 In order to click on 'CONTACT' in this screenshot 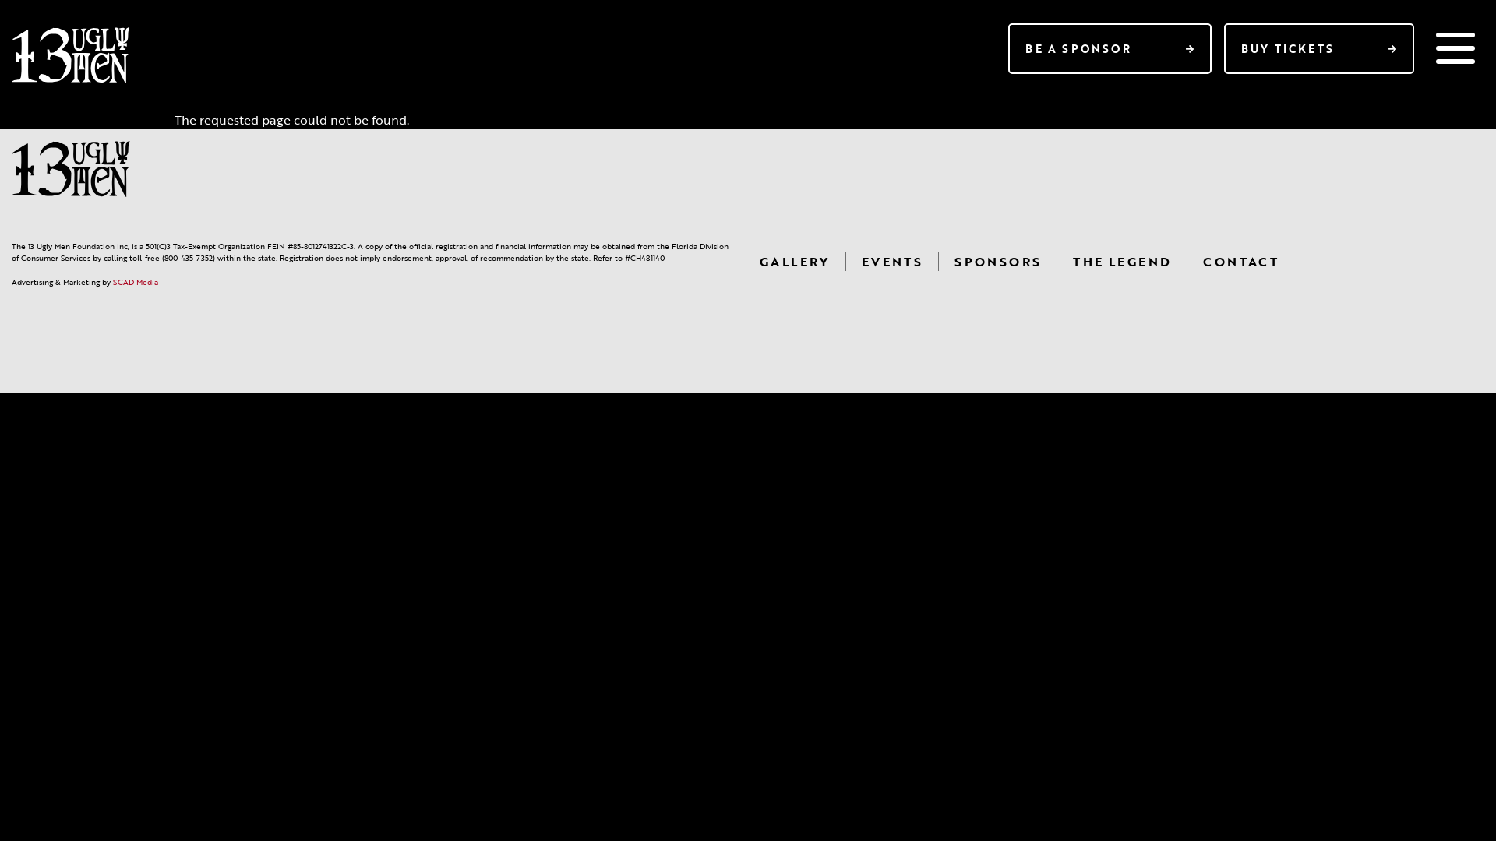, I will do `click(1240, 260)`.